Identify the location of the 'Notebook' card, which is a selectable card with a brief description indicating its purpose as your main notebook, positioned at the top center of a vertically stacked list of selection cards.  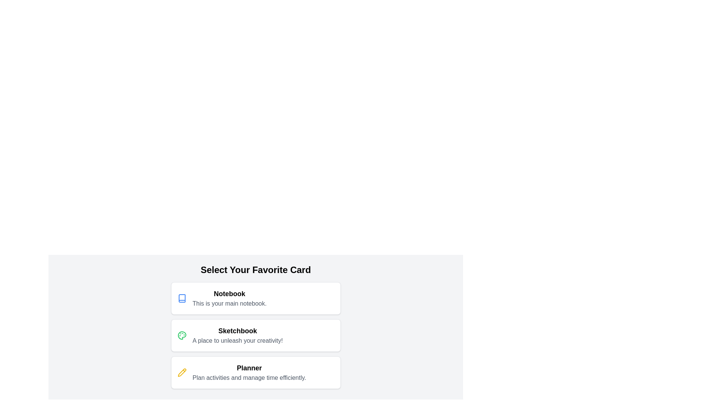
(256, 298).